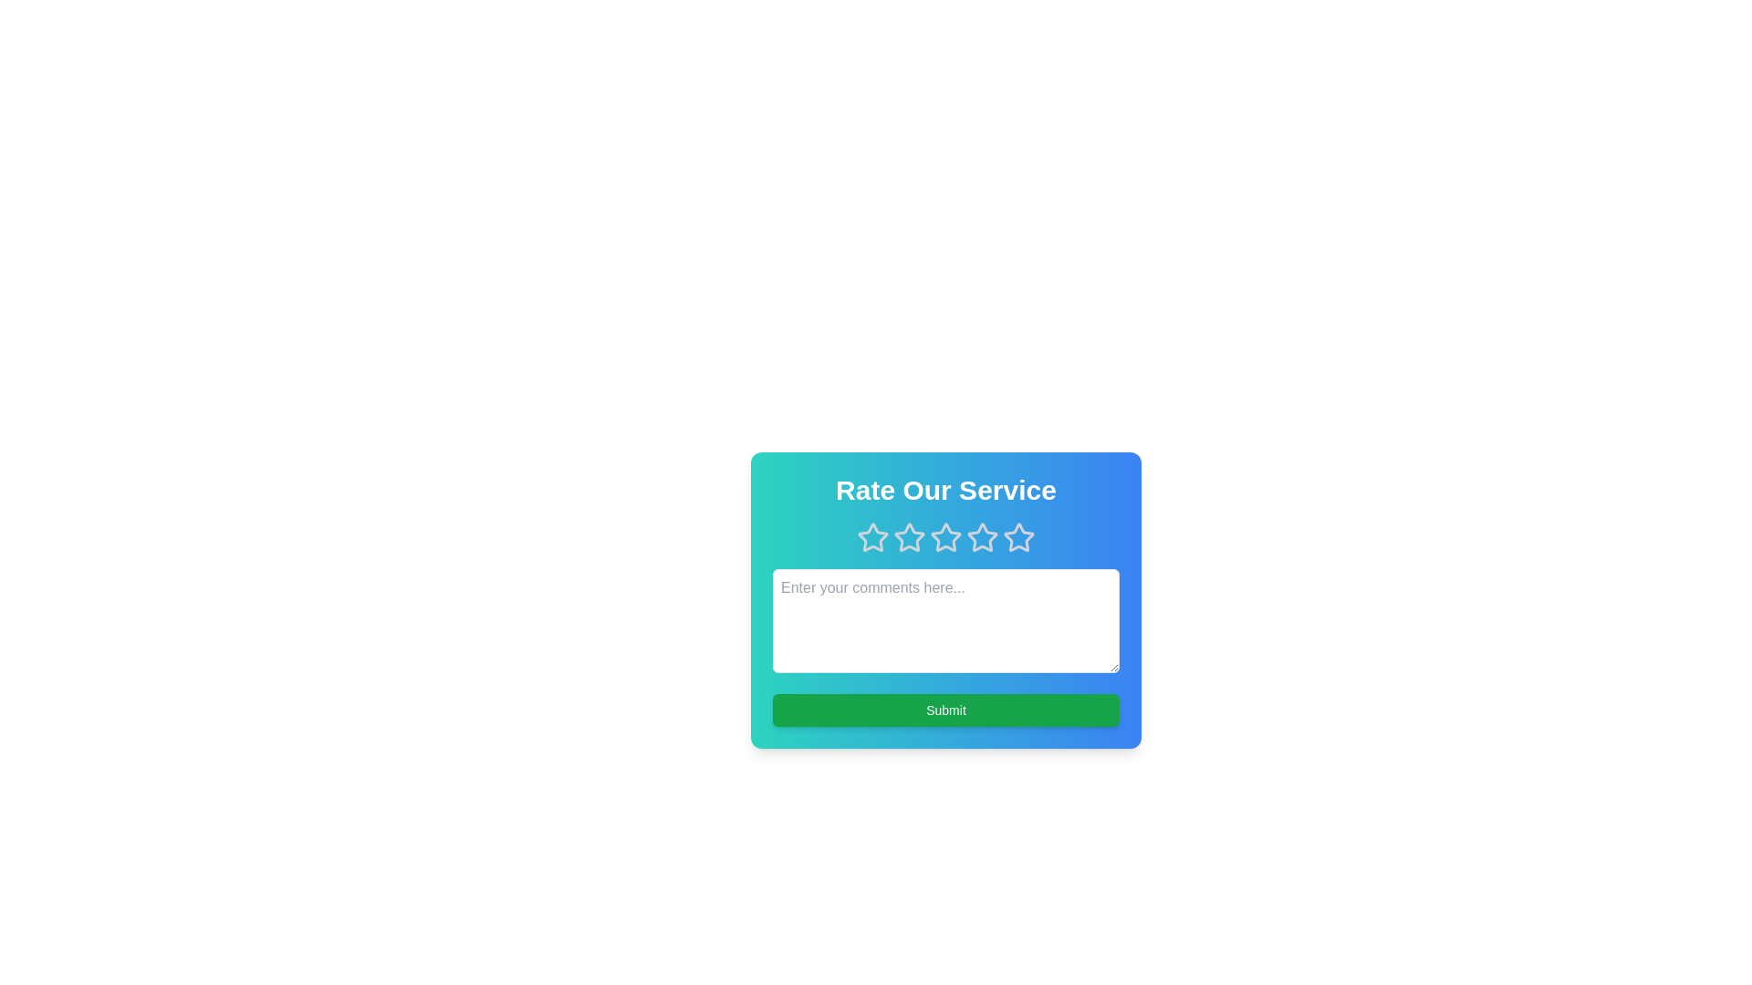  I want to click on 'Submit' button to submit the rating and comment, so click(945, 710).